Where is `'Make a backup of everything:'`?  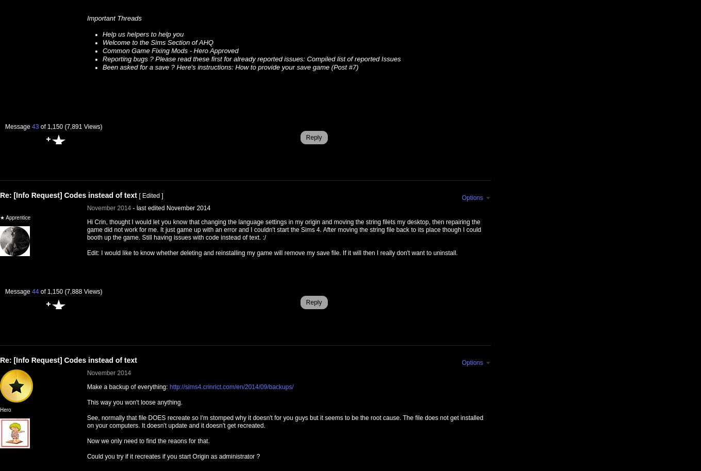 'Make a backup of everything:' is located at coordinates (128, 387).